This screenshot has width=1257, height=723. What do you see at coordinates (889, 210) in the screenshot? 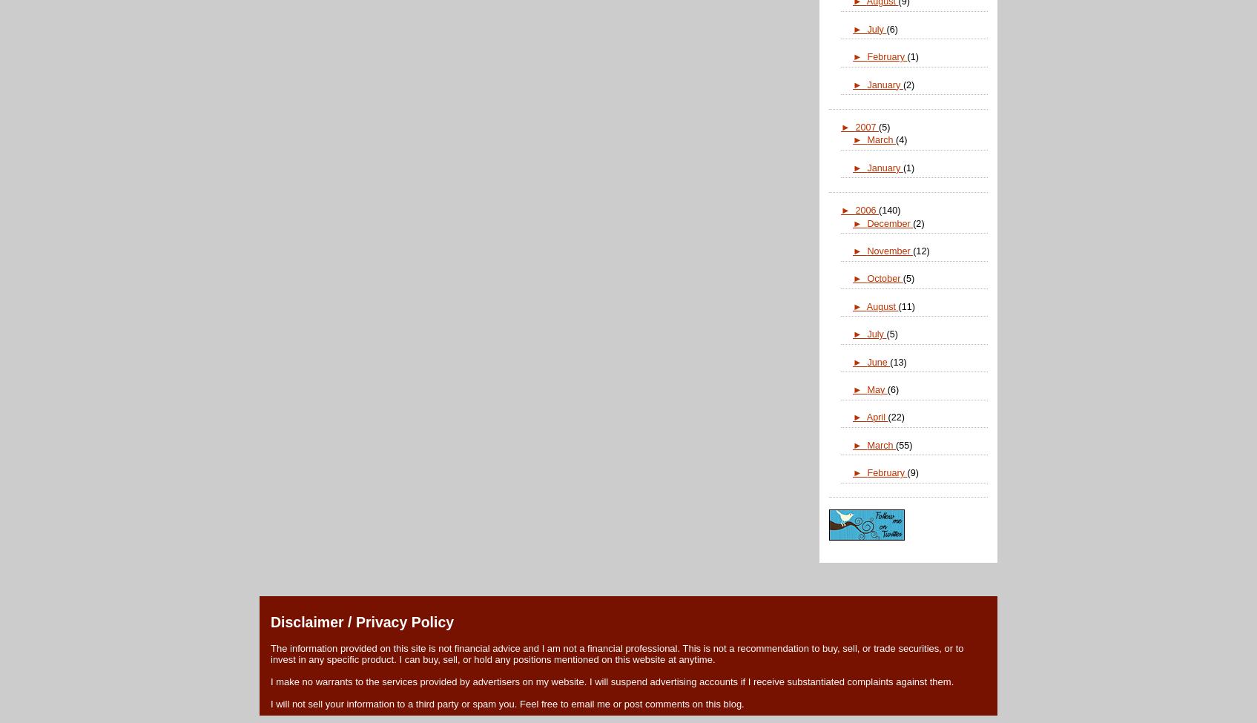
I see `'(140)'` at bounding box center [889, 210].